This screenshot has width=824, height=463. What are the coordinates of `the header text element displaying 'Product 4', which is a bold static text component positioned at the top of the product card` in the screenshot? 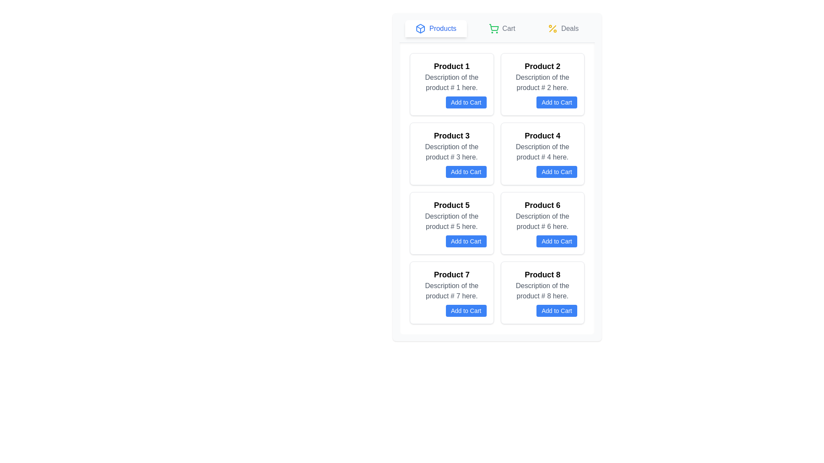 It's located at (542, 135).